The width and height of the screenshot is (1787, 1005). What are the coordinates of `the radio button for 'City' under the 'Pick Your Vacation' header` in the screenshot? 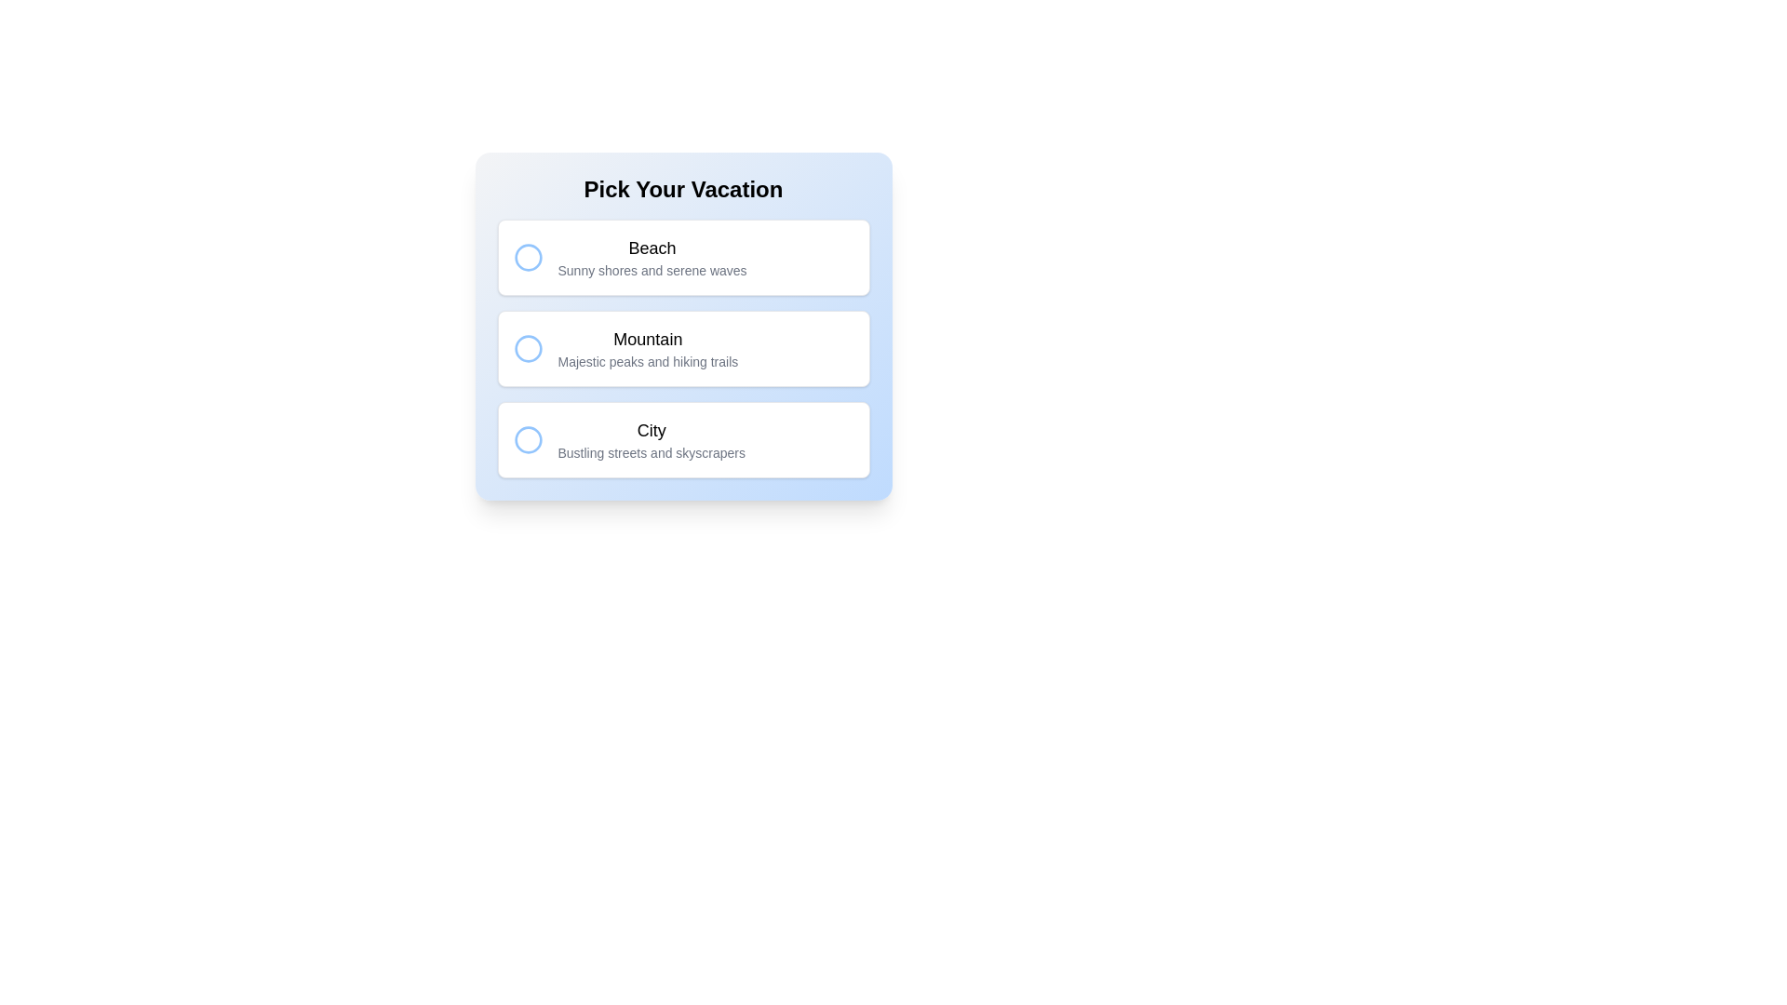 It's located at (527, 440).